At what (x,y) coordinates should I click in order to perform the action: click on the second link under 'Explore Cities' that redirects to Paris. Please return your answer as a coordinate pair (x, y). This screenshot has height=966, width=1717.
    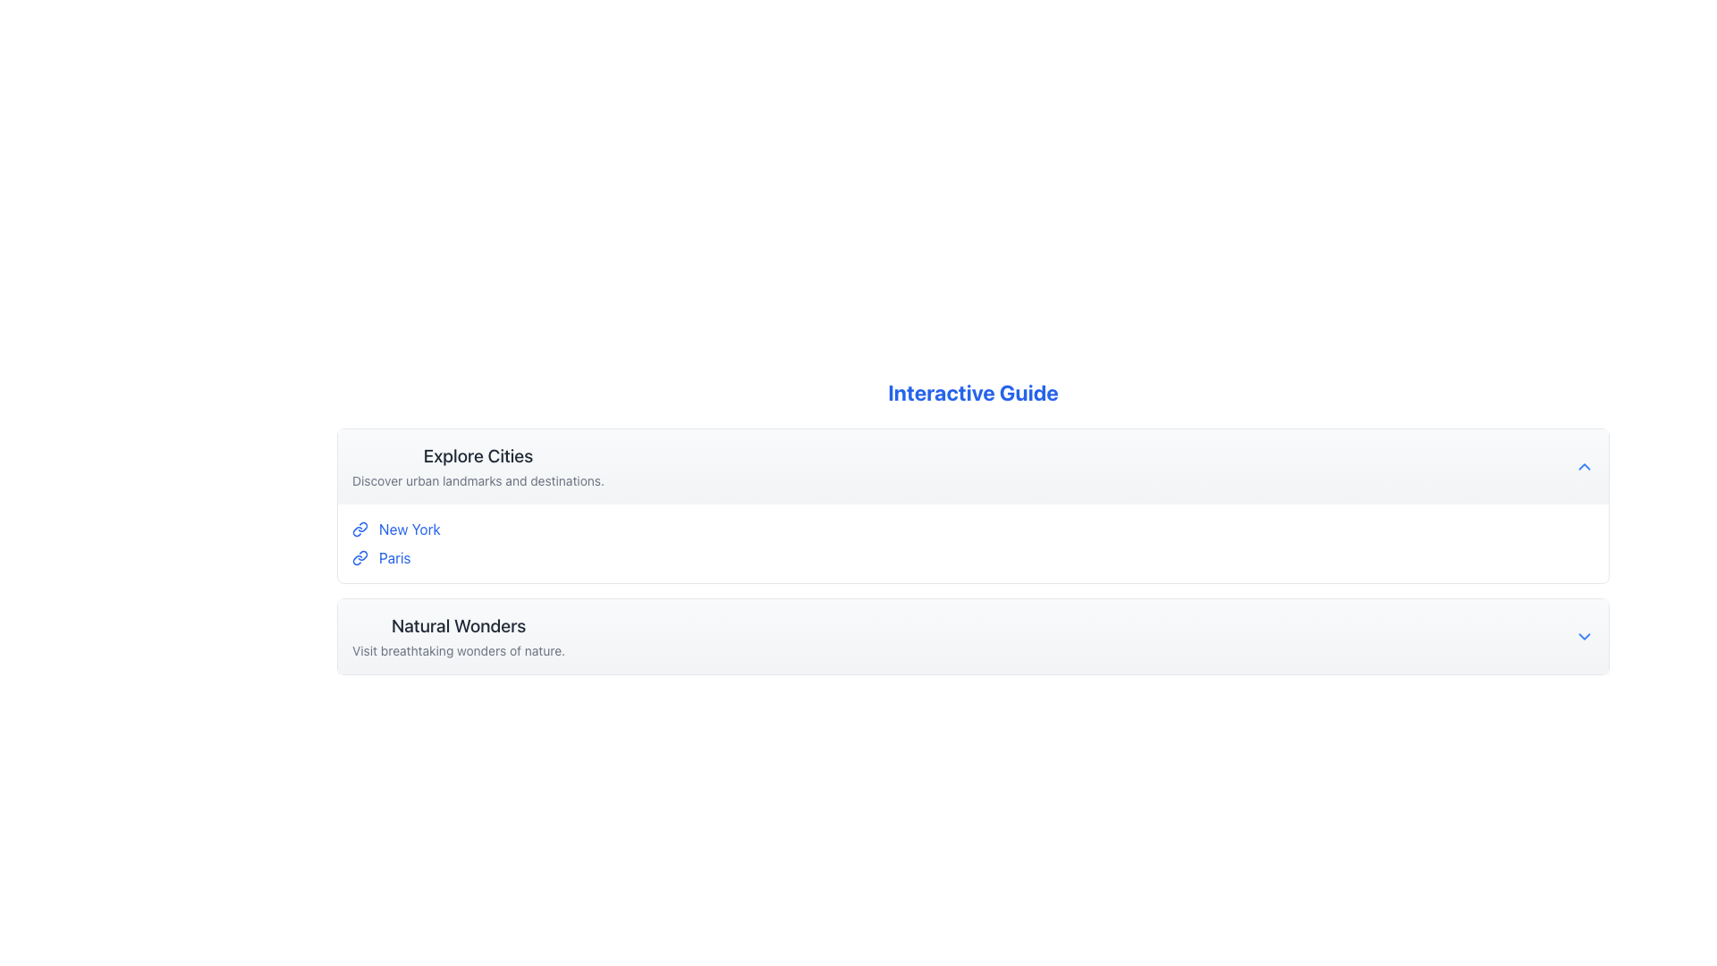
    Looking at the image, I should click on (393, 557).